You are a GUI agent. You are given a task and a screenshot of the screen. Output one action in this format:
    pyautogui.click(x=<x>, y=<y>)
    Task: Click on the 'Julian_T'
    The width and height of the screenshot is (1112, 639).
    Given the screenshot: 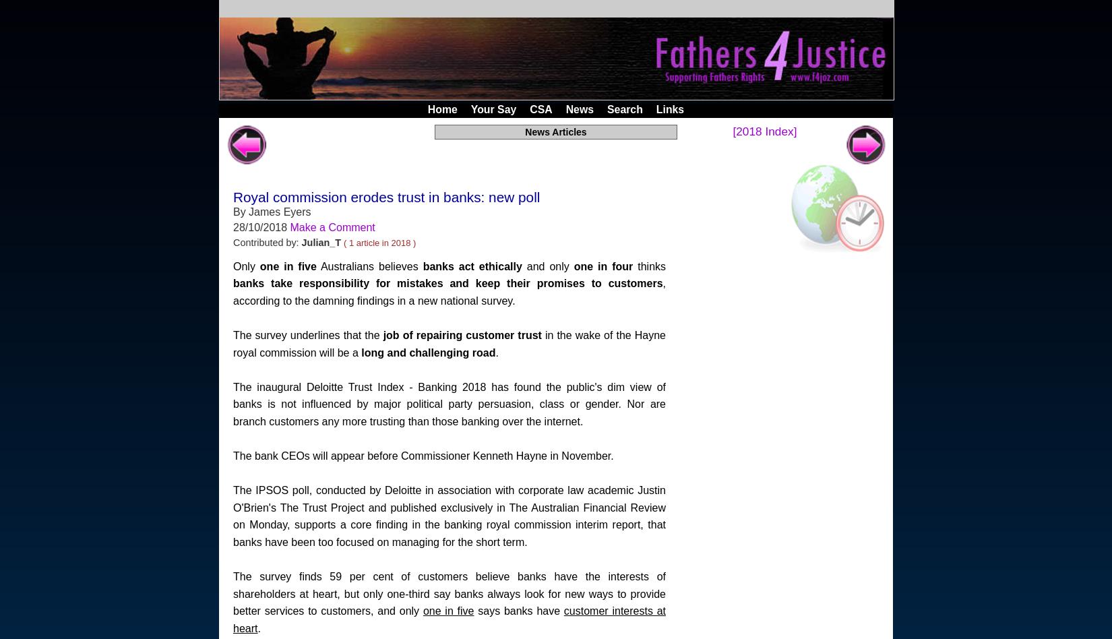 What is the action you would take?
    pyautogui.click(x=320, y=241)
    